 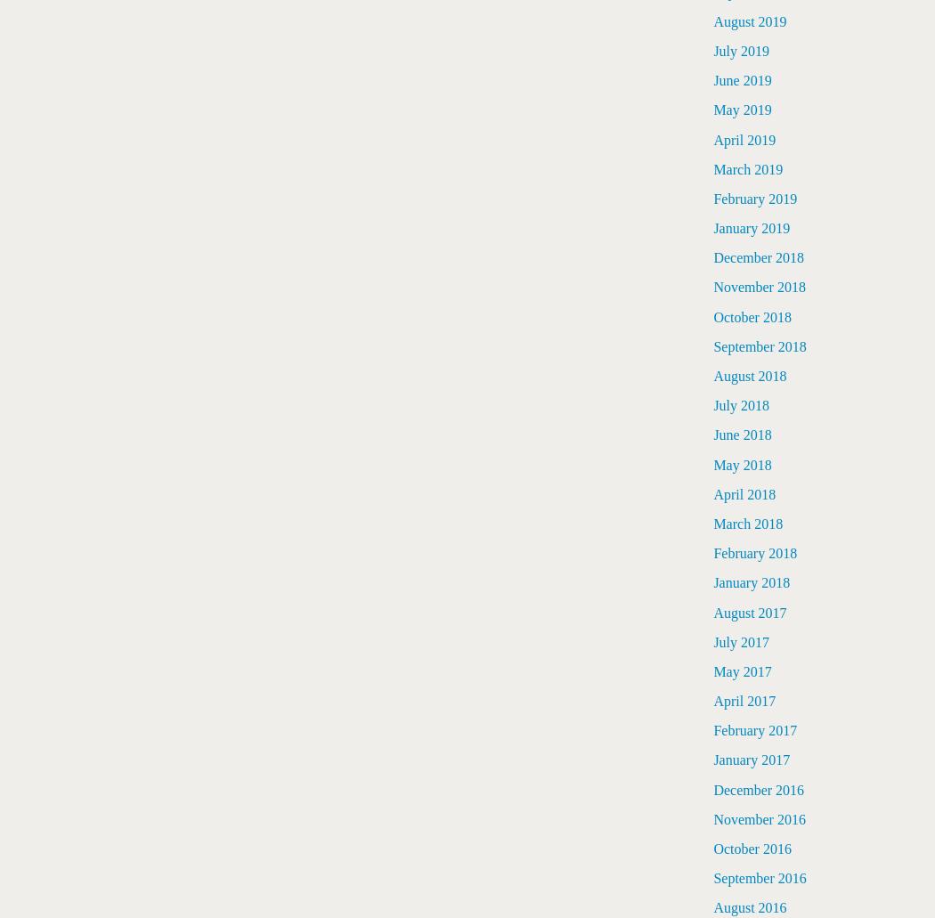 I want to click on 'November 2018', so click(x=759, y=286).